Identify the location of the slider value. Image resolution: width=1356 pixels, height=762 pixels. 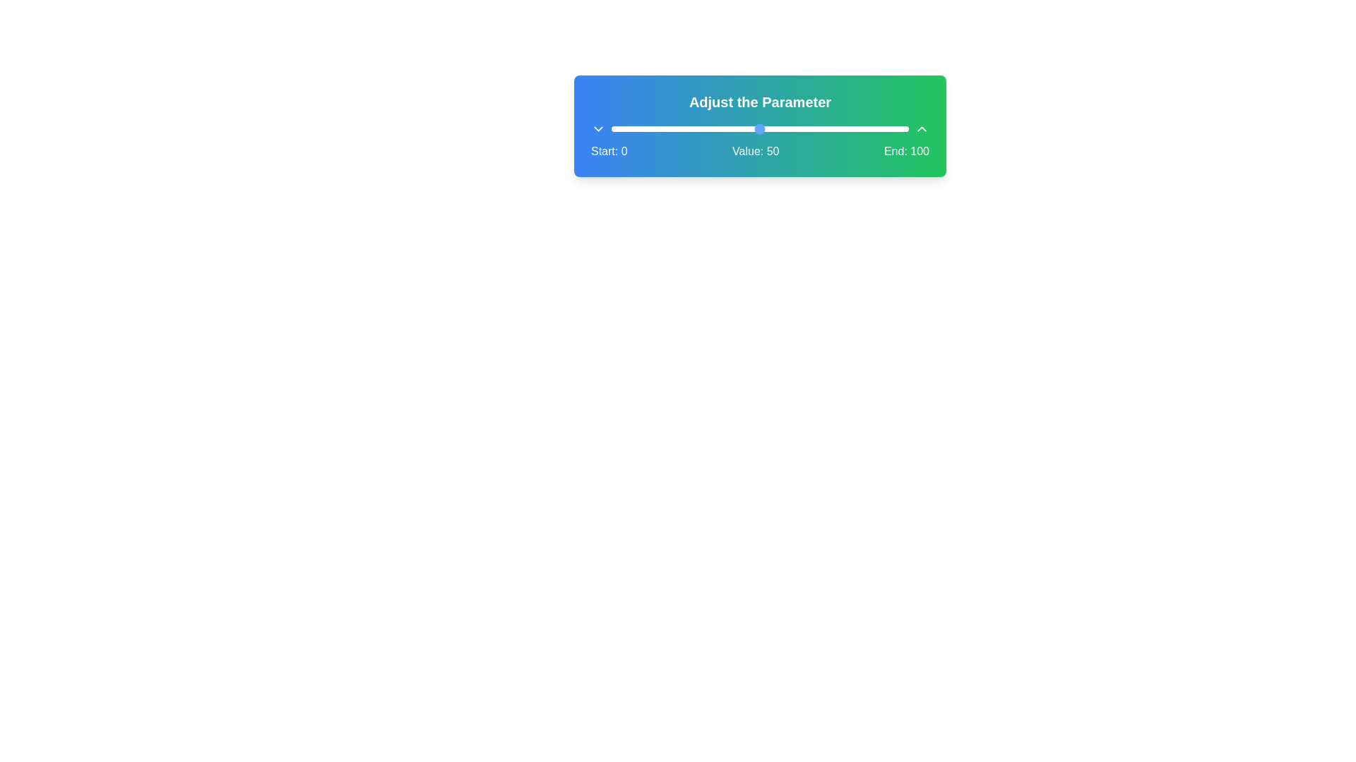
(614, 128).